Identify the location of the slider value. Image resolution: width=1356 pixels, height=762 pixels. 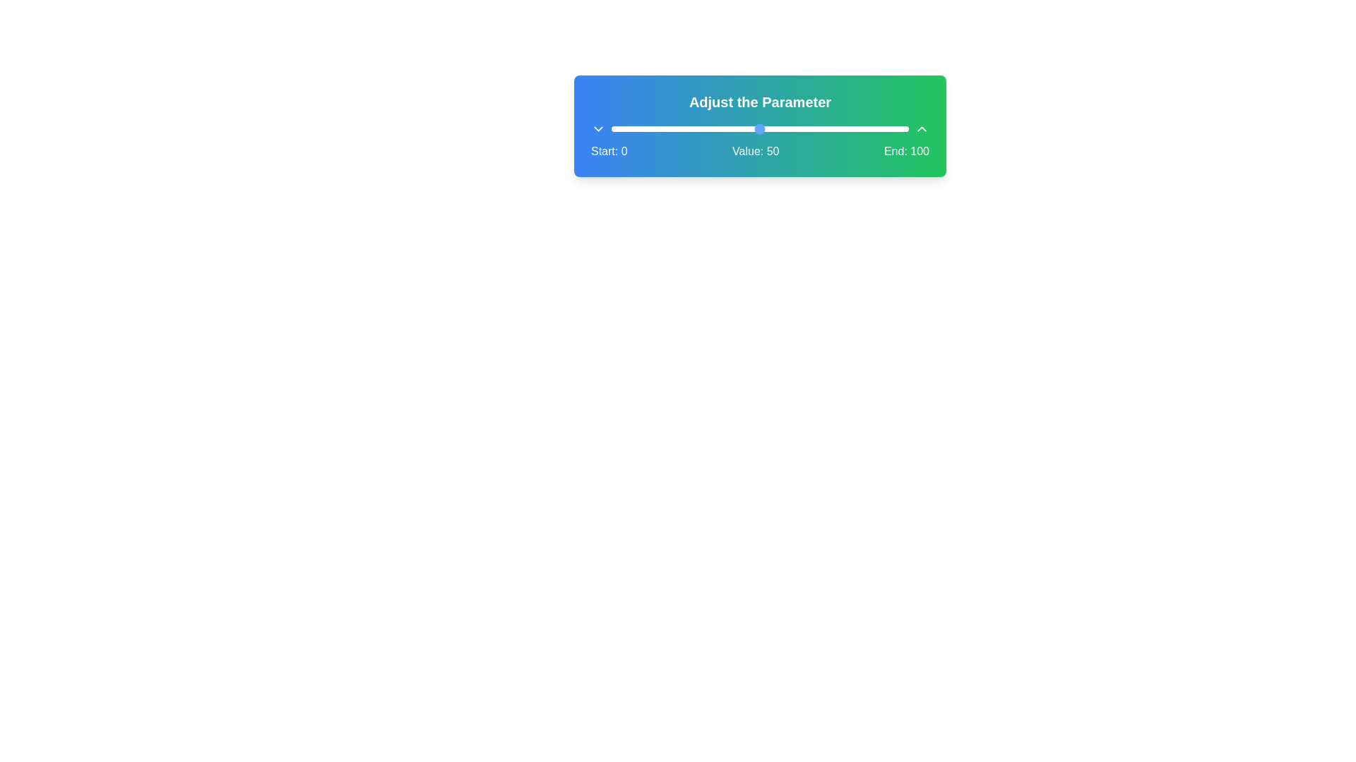
(614, 128).